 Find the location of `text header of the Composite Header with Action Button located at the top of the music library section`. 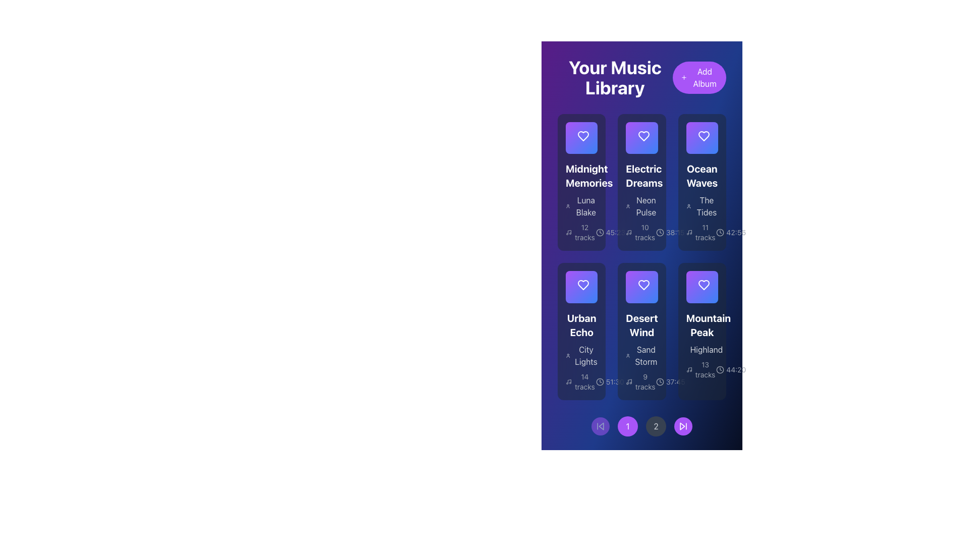

text header of the Composite Header with Action Button located at the top of the music library section is located at coordinates (641, 77).